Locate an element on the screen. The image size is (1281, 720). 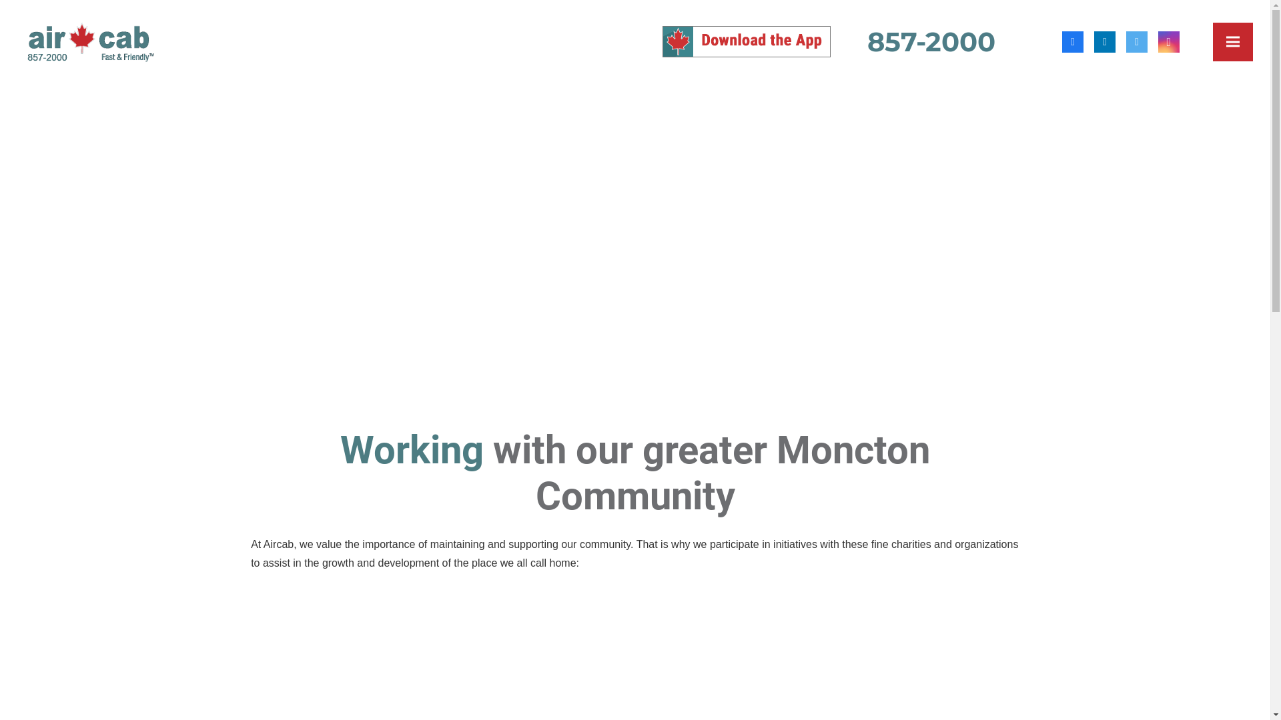
'Facebook' is located at coordinates (1061, 40).